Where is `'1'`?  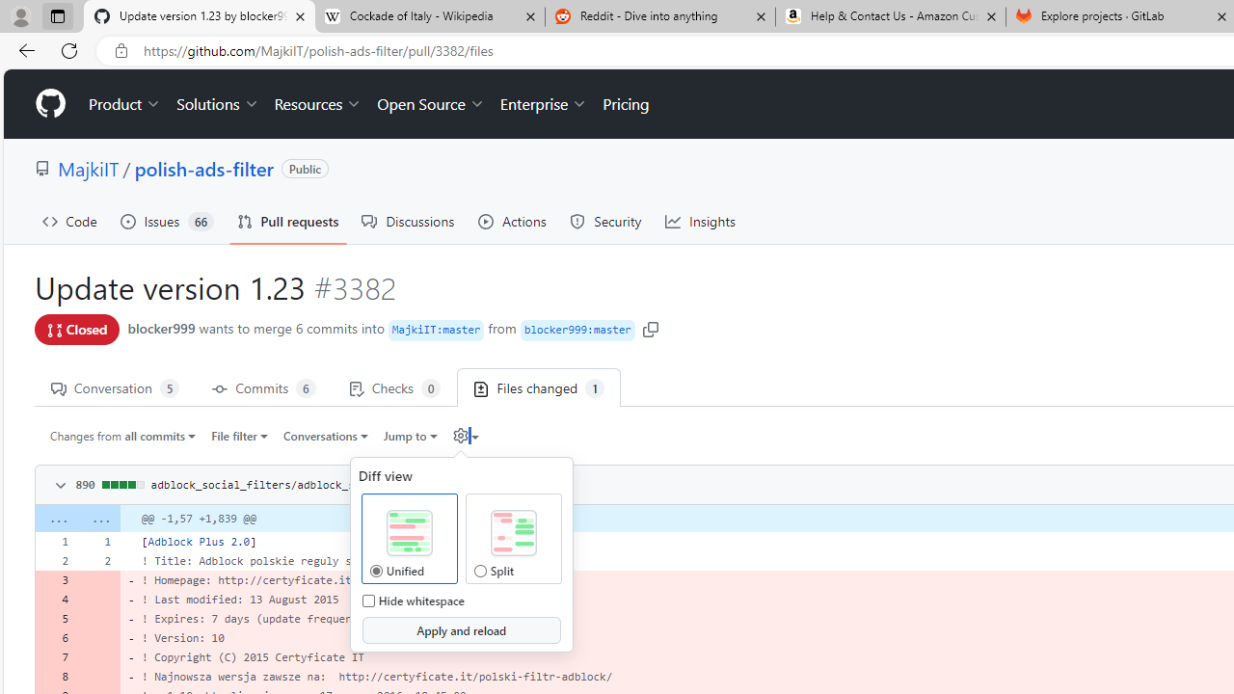 '1' is located at coordinates (98, 541).